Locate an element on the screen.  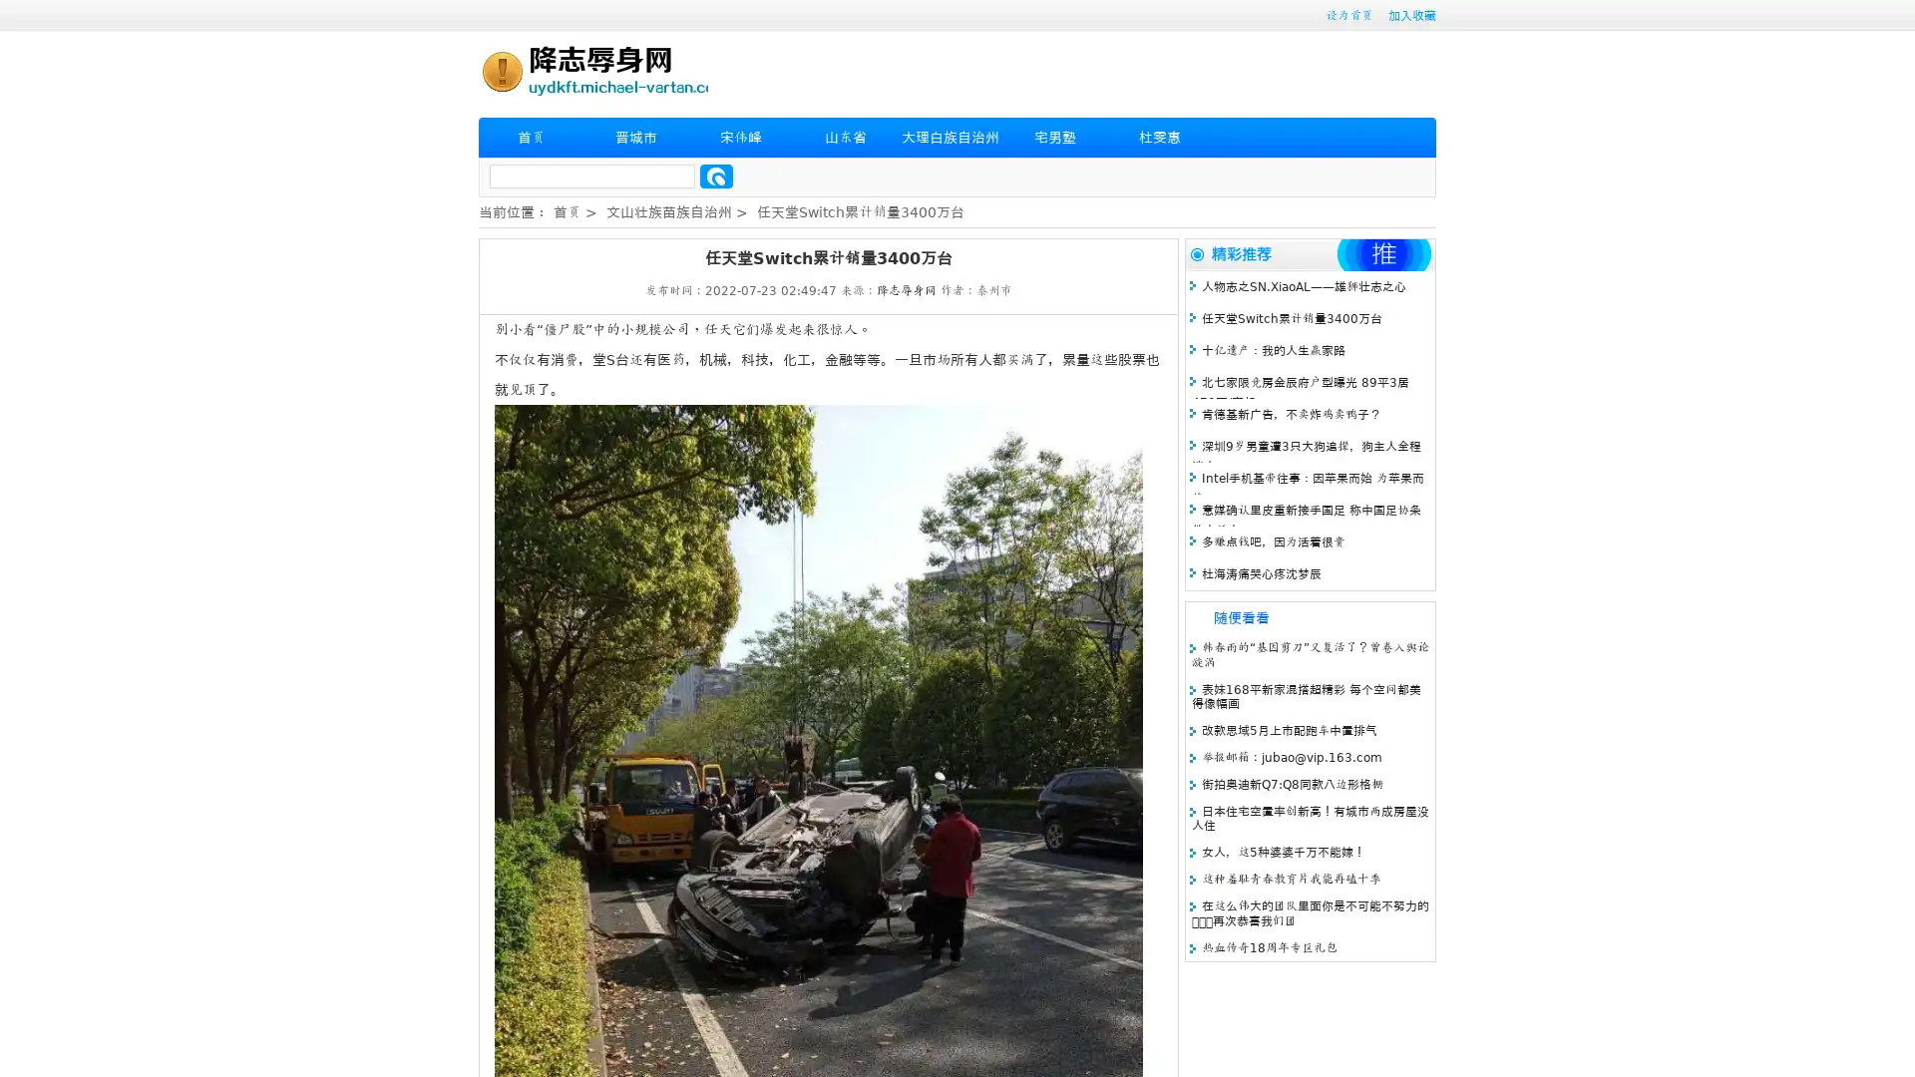
Search is located at coordinates (716, 176).